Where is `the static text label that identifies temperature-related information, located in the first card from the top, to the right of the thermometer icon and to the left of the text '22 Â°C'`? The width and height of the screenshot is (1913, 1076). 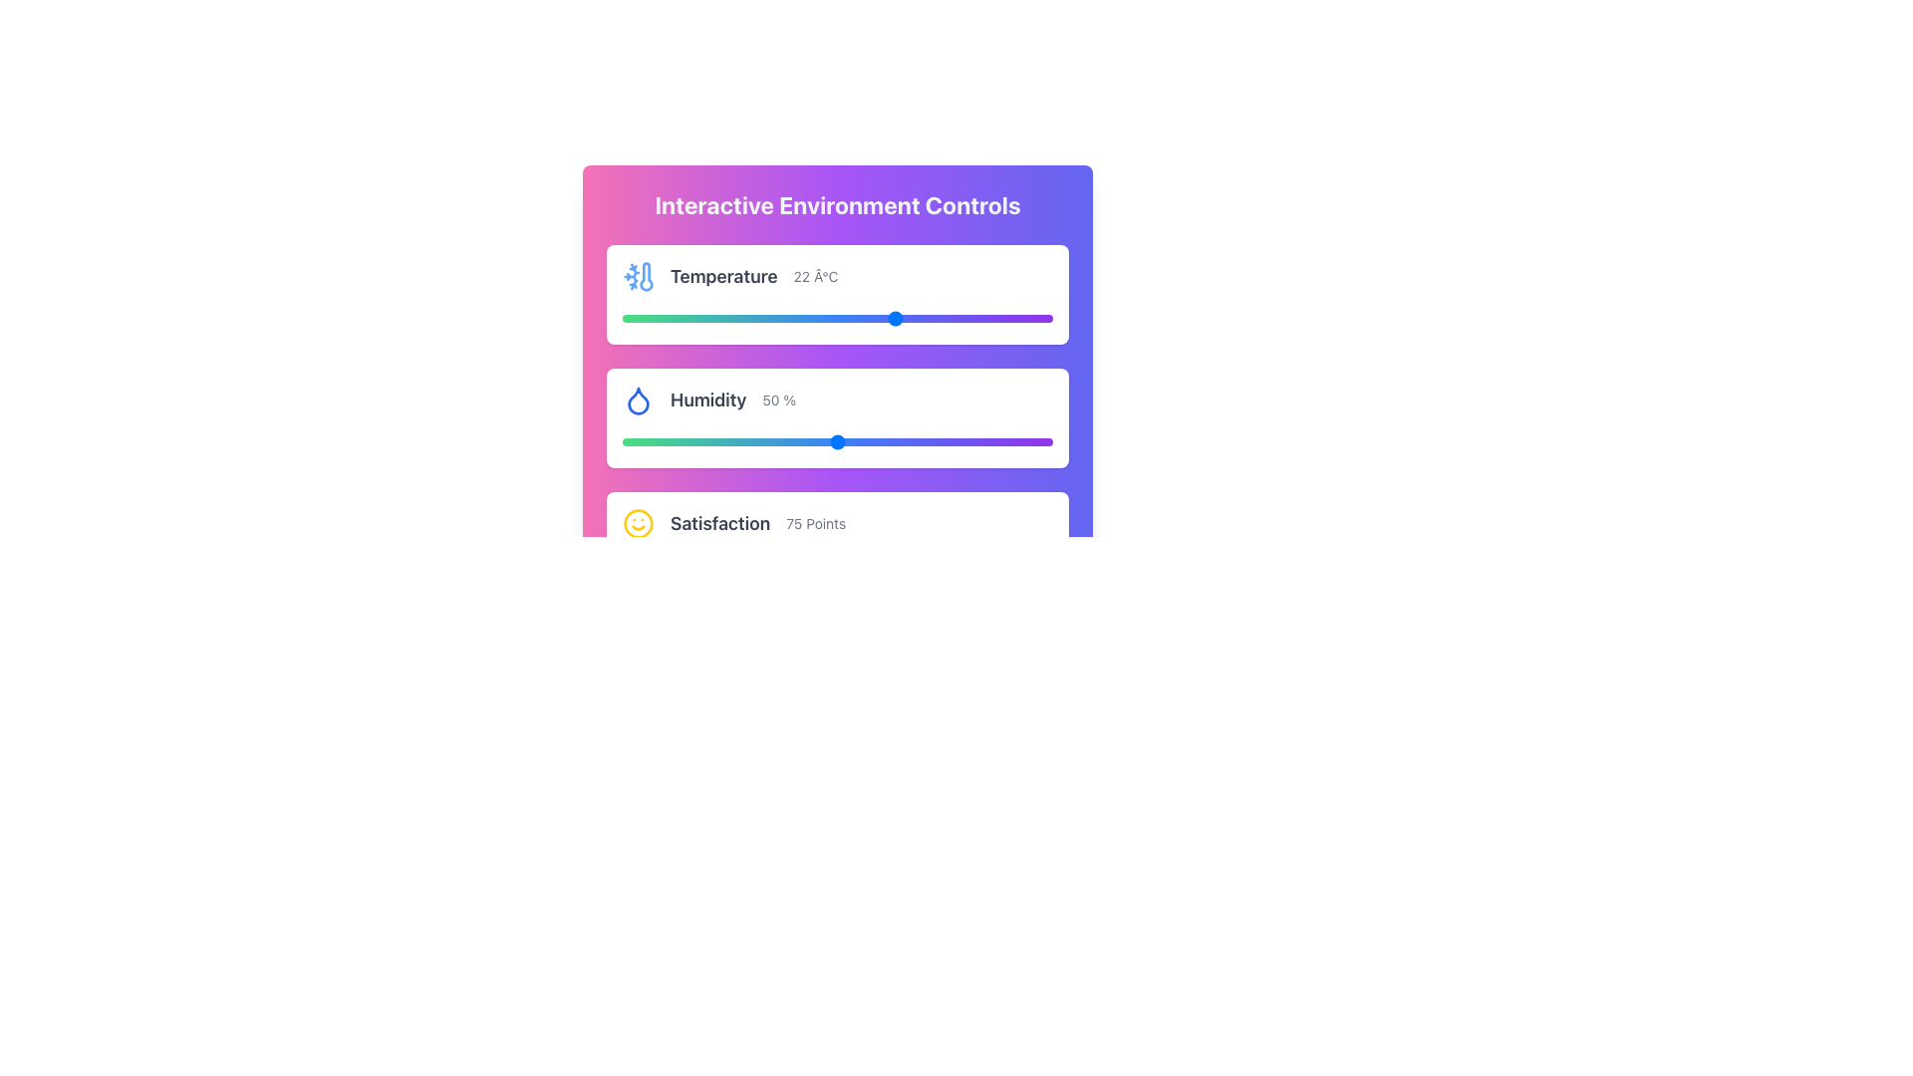 the static text label that identifies temperature-related information, located in the first card from the top, to the right of the thermometer icon and to the left of the text '22 Â°C' is located at coordinates (722, 276).